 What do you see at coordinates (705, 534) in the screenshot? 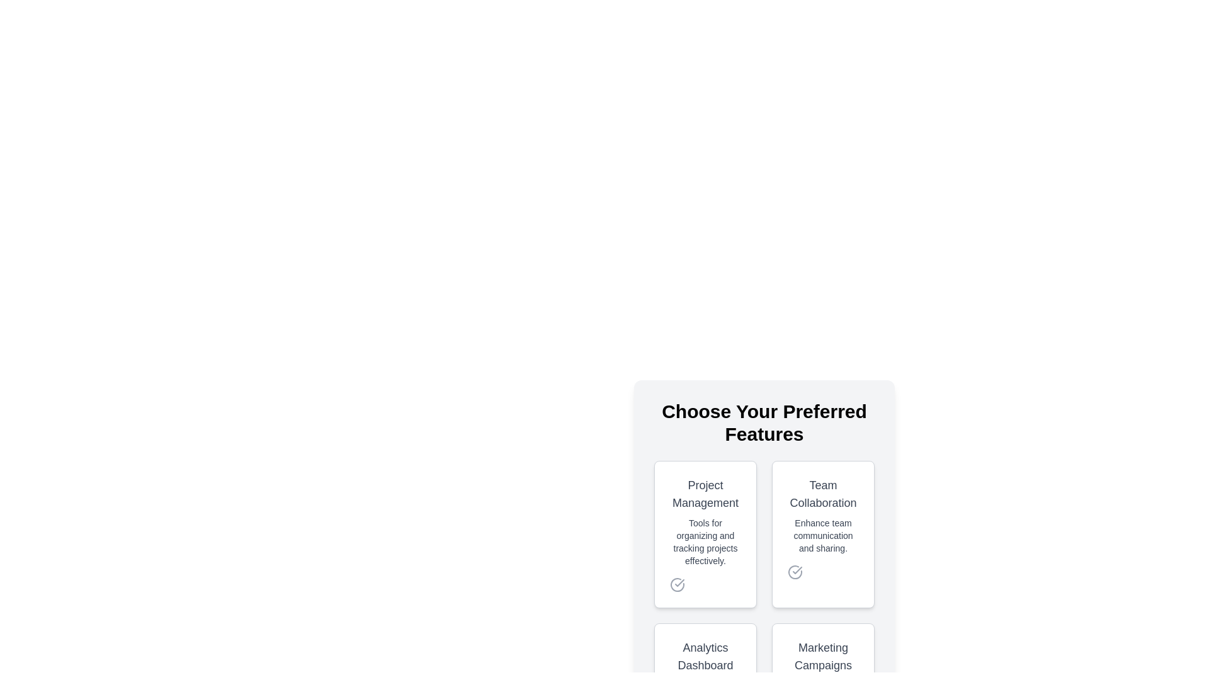
I see `the feature card Project Management` at bounding box center [705, 534].